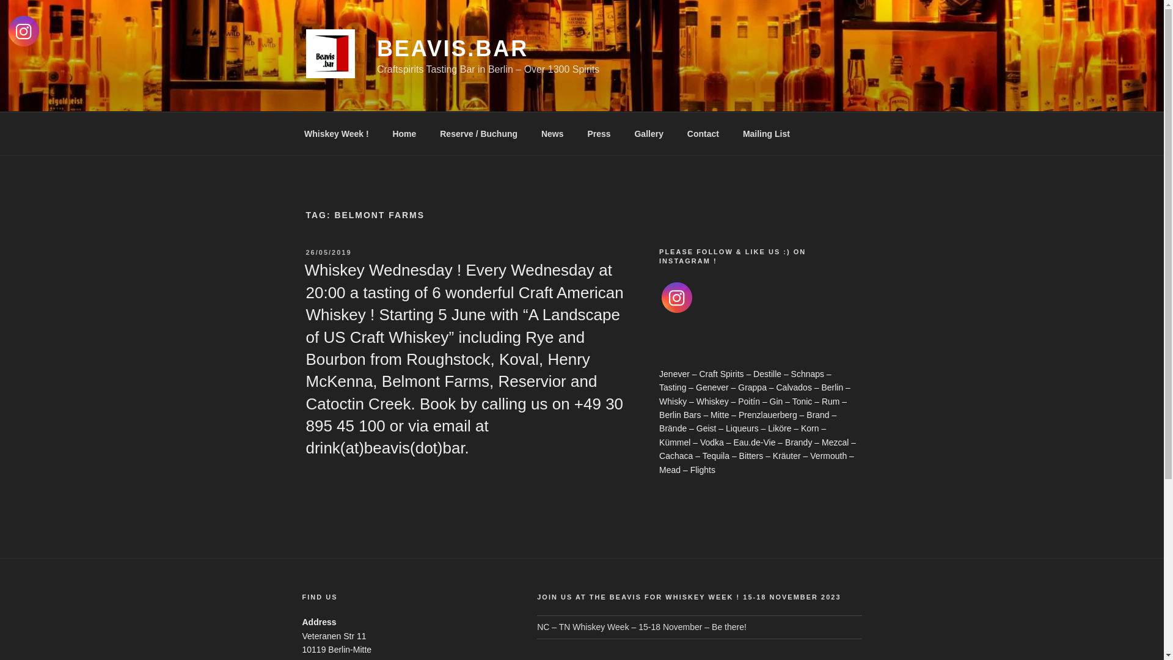 The height and width of the screenshot is (660, 1173). Describe the element at coordinates (648, 133) in the screenshot. I see `'Gallery'` at that location.